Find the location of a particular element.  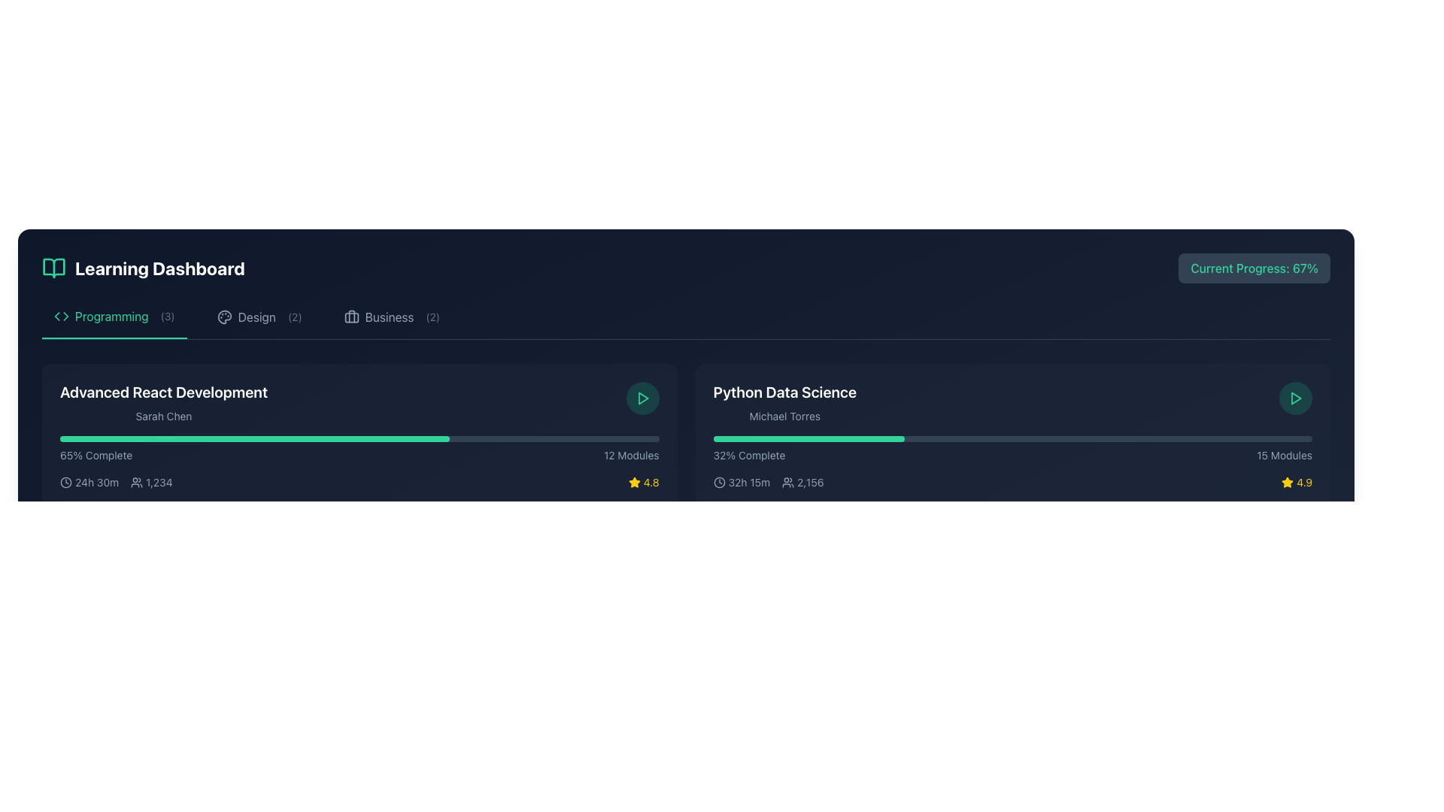

the icons in the informational display element that shows time and numerical count, located as the leftmost section in its row is located at coordinates (115, 644).